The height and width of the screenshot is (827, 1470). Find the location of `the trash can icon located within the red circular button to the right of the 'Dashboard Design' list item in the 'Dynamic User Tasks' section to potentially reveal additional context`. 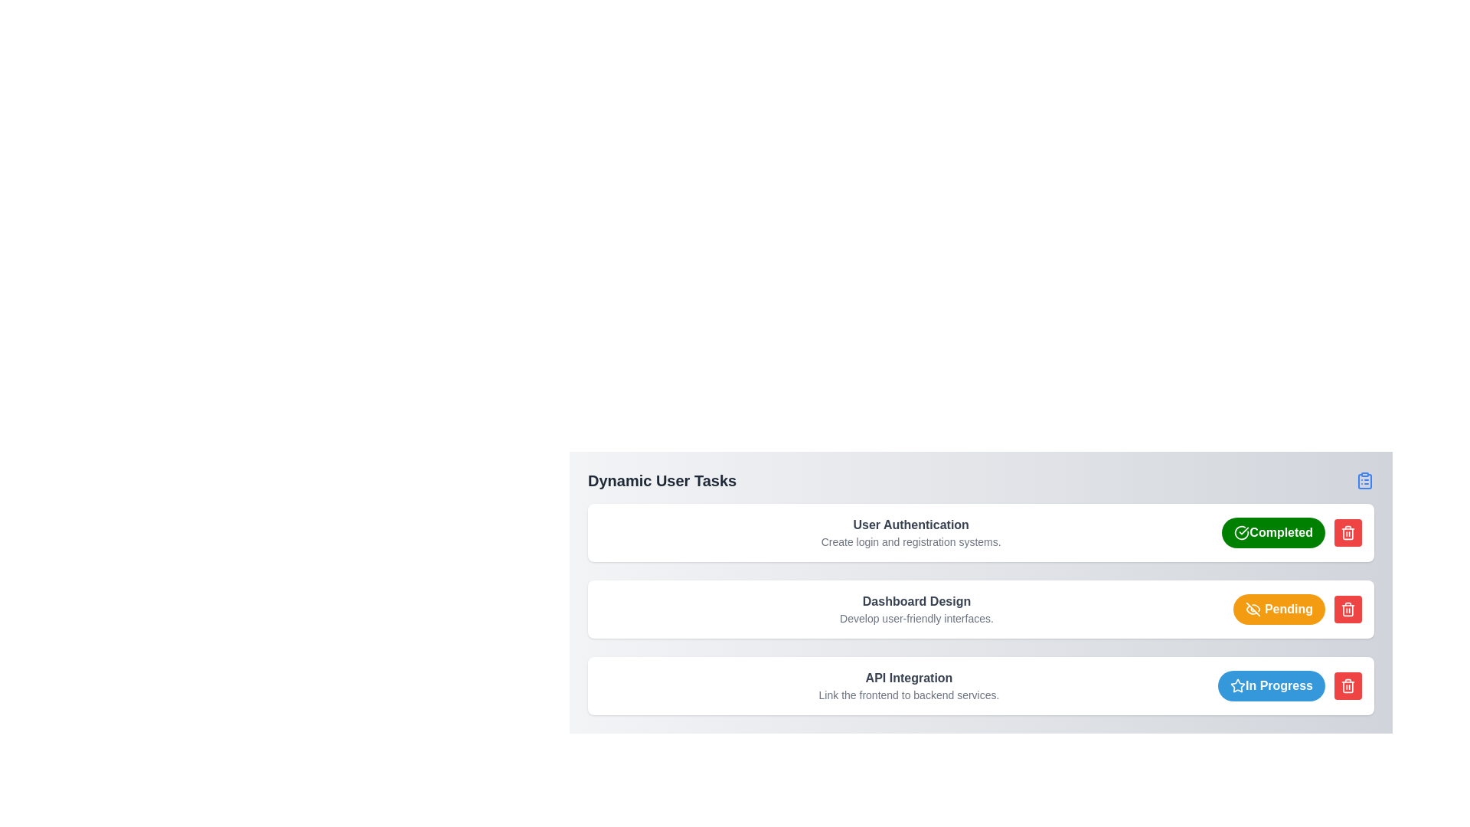

the trash can icon located within the red circular button to the right of the 'Dashboard Design' list item in the 'Dynamic User Tasks' section to potentially reveal additional context is located at coordinates (1348, 685).